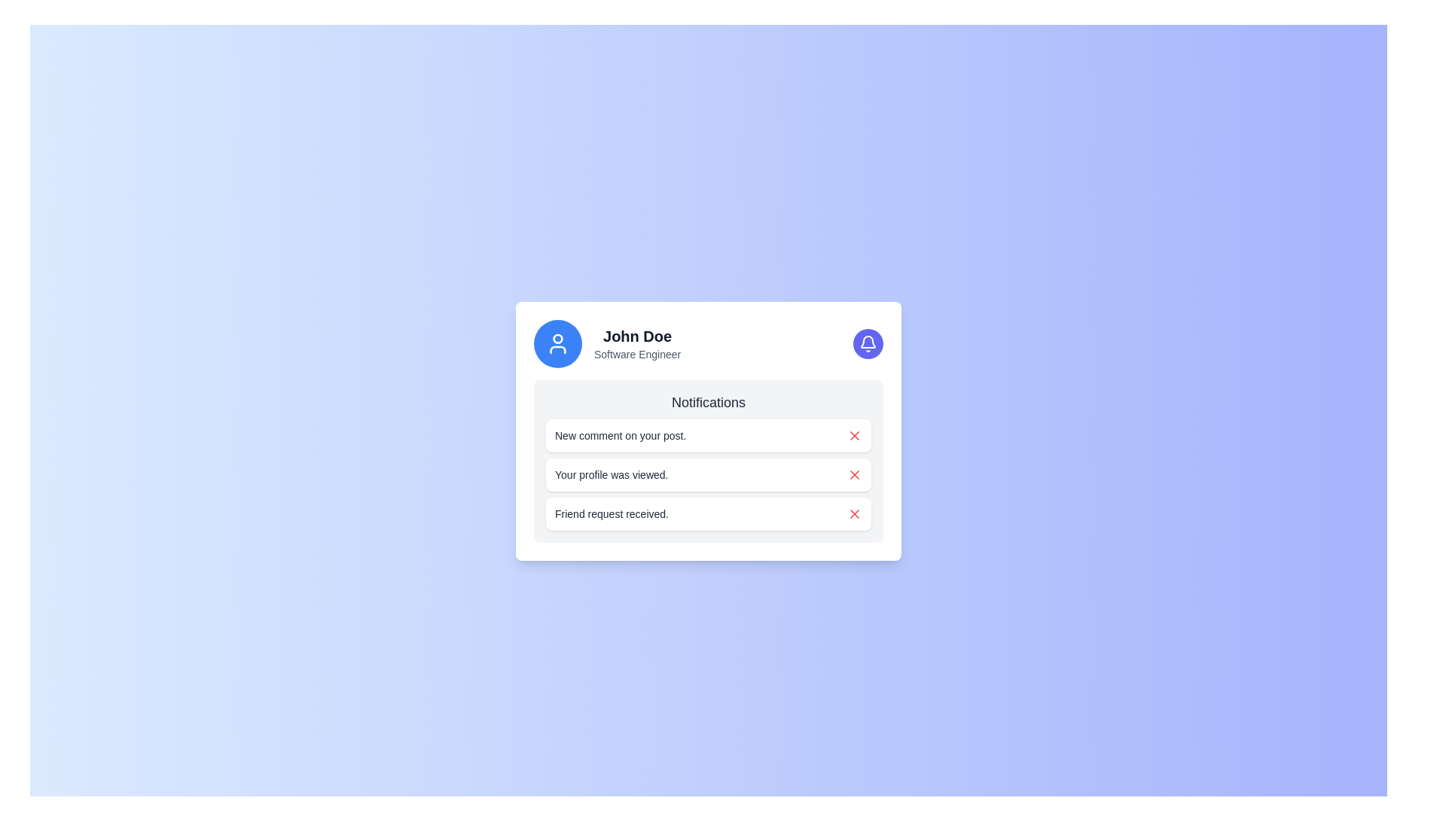 The image size is (1446, 813). What do you see at coordinates (854, 475) in the screenshot?
I see `the red-colored close button next to the text 'Your profile was viewed.'` at bounding box center [854, 475].